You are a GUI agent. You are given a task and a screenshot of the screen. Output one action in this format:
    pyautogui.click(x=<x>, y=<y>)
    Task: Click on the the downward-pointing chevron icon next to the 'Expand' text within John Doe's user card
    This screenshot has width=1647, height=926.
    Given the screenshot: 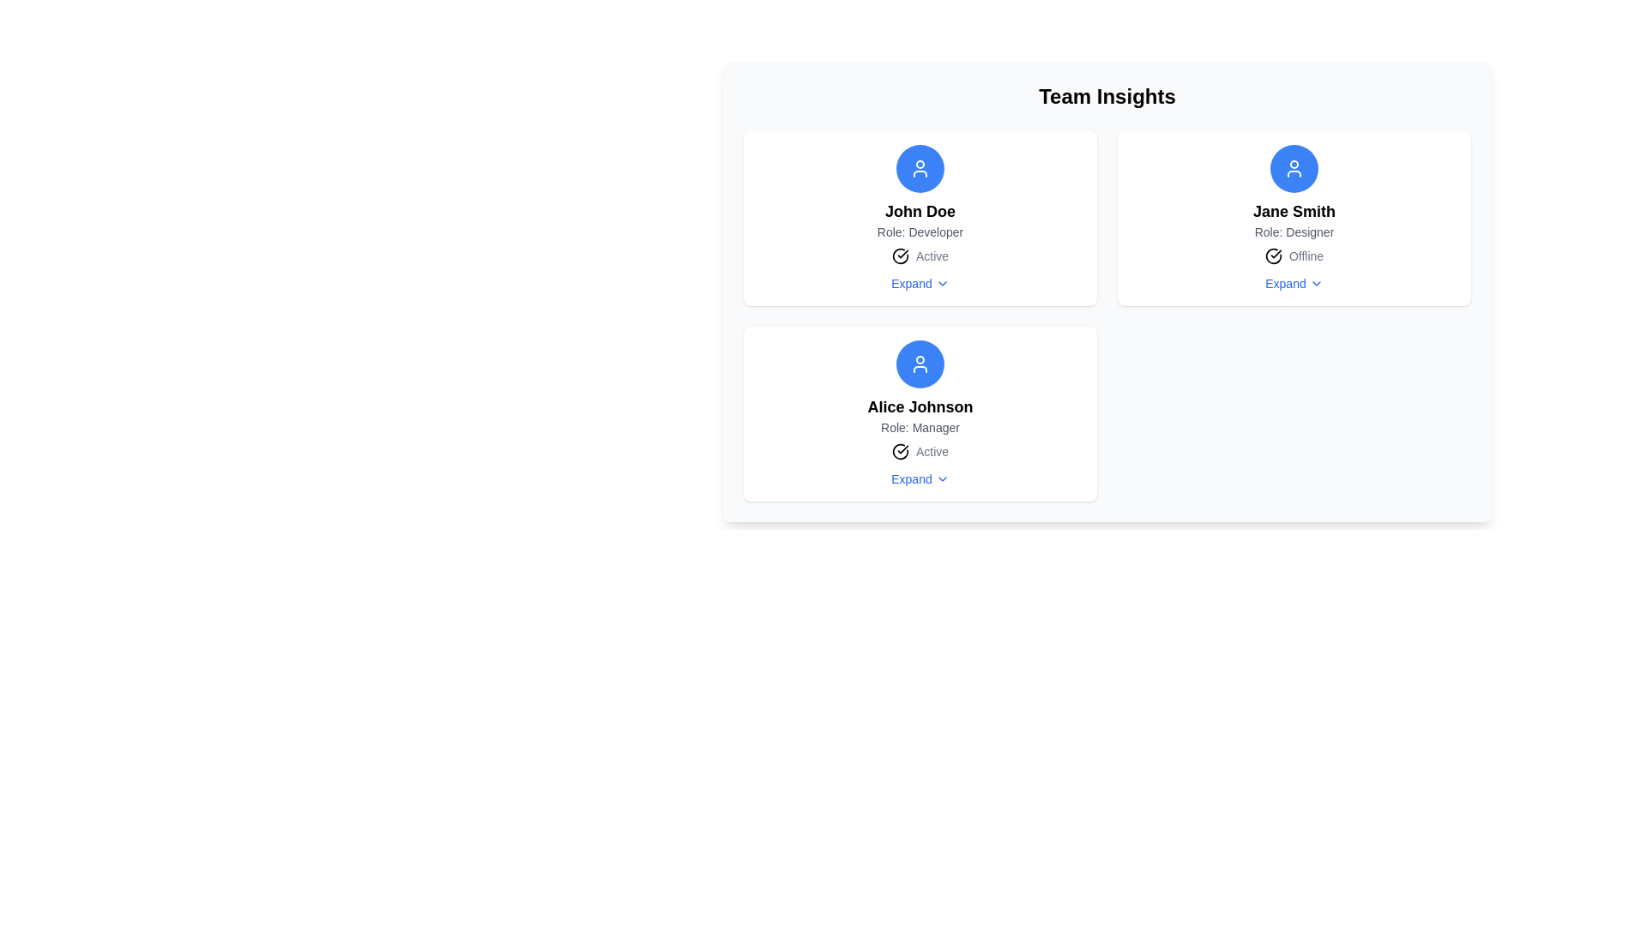 What is the action you would take?
    pyautogui.click(x=941, y=283)
    